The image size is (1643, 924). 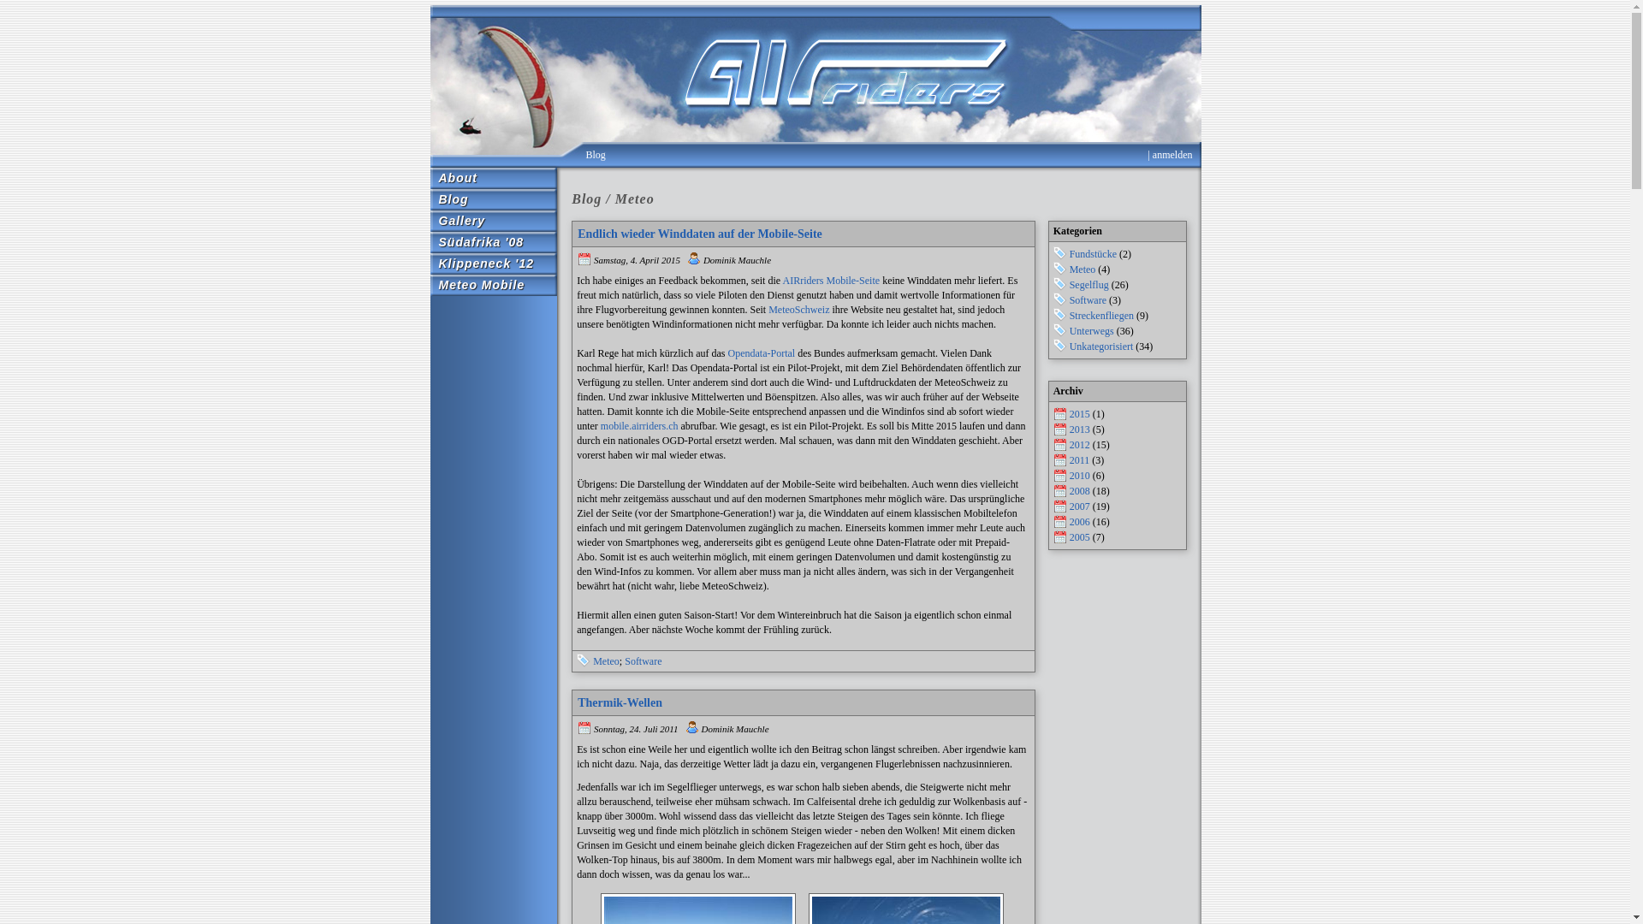 I want to click on '2010', so click(x=1079, y=475).